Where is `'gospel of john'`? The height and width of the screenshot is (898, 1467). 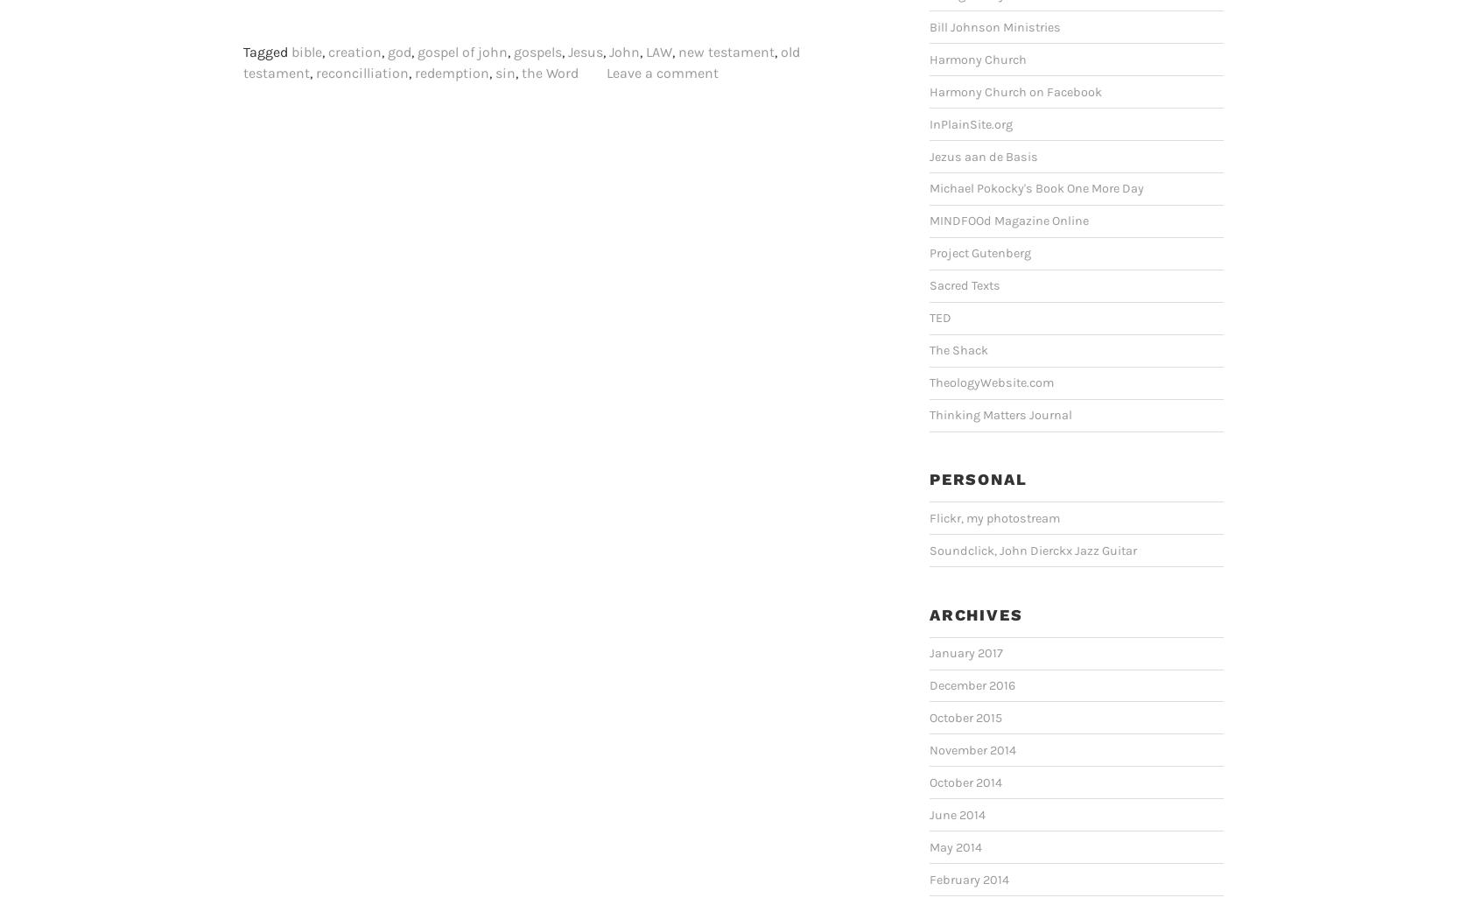
'gospel of john' is located at coordinates (462, 51).